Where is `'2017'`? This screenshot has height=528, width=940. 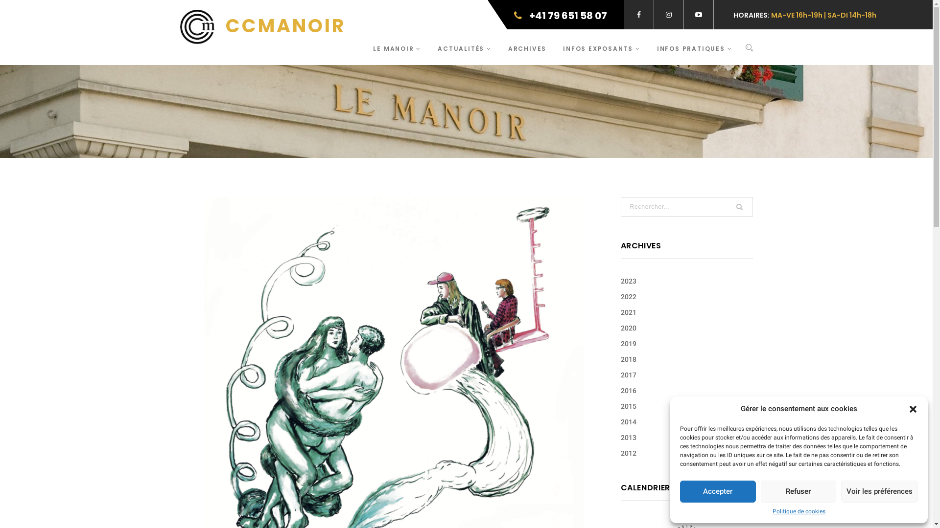 '2017' is located at coordinates (628, 374).